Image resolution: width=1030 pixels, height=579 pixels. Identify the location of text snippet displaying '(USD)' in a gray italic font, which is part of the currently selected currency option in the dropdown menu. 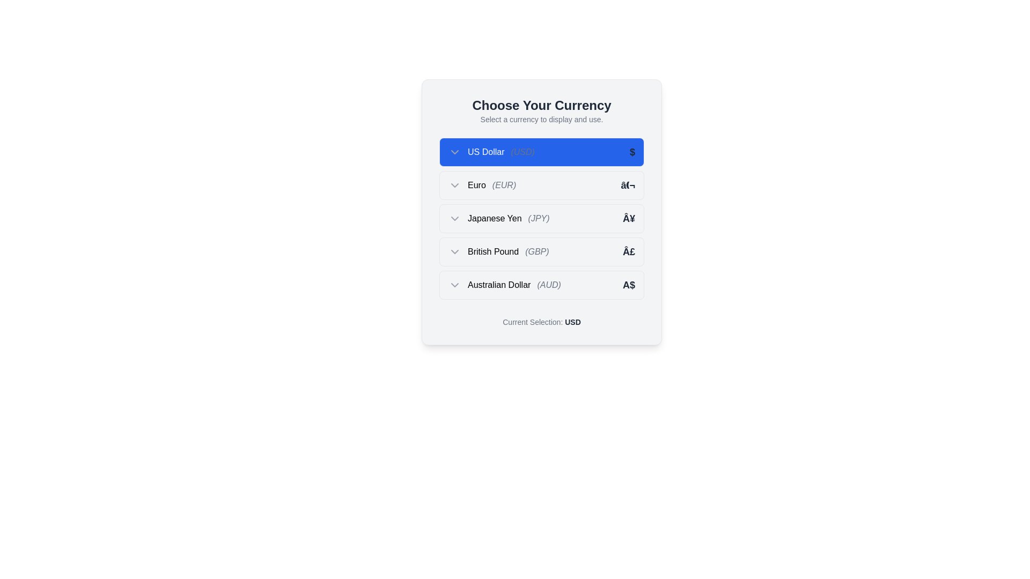
(523, 152).